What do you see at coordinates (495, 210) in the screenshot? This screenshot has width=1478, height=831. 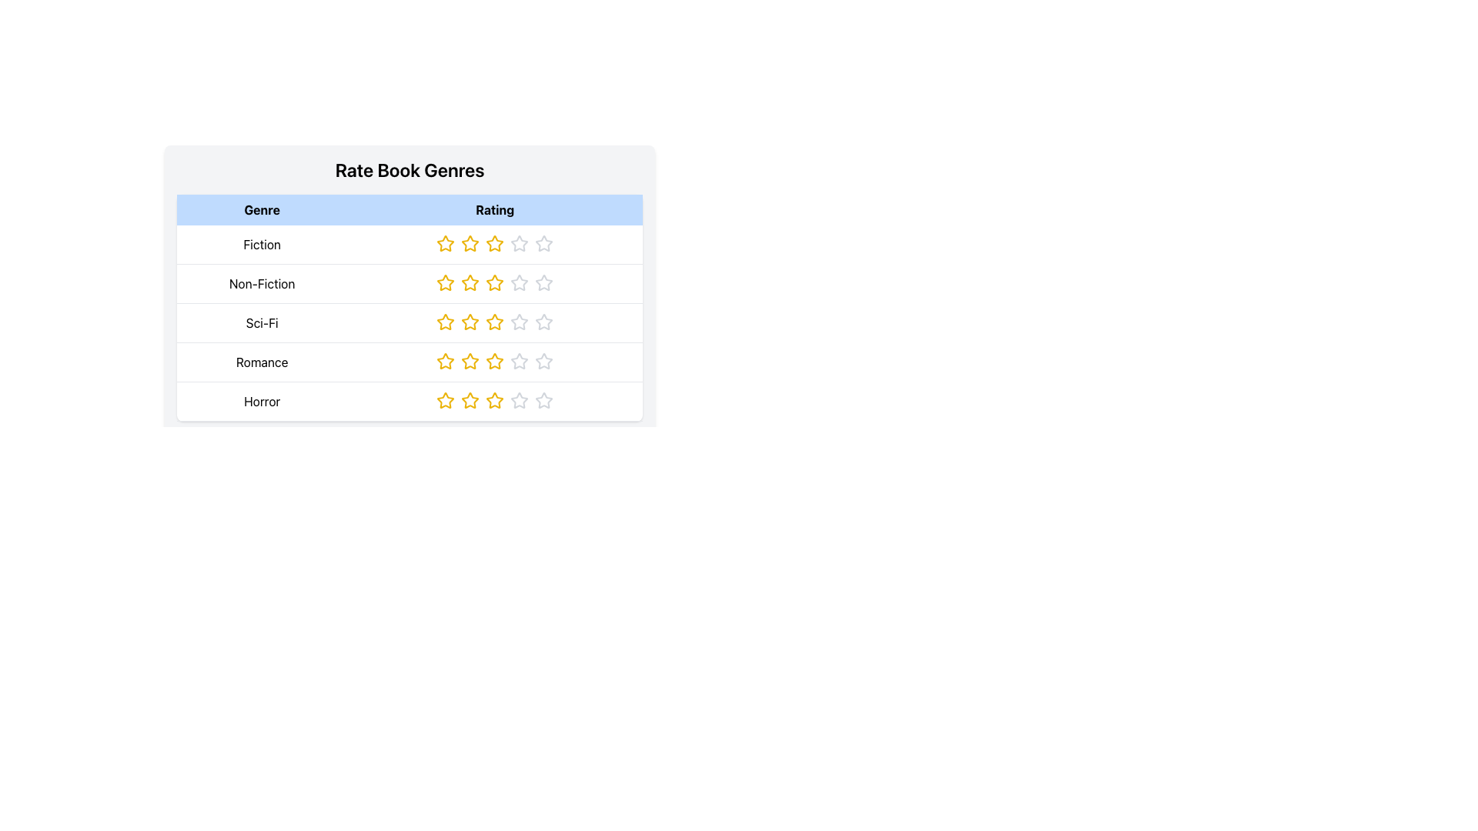 I see `the 'Rating' text label, which is a bold black font on a light blue background, positioned in the top row of a table, to the right of the 'Genre' label` at bounding box center [495, 210].